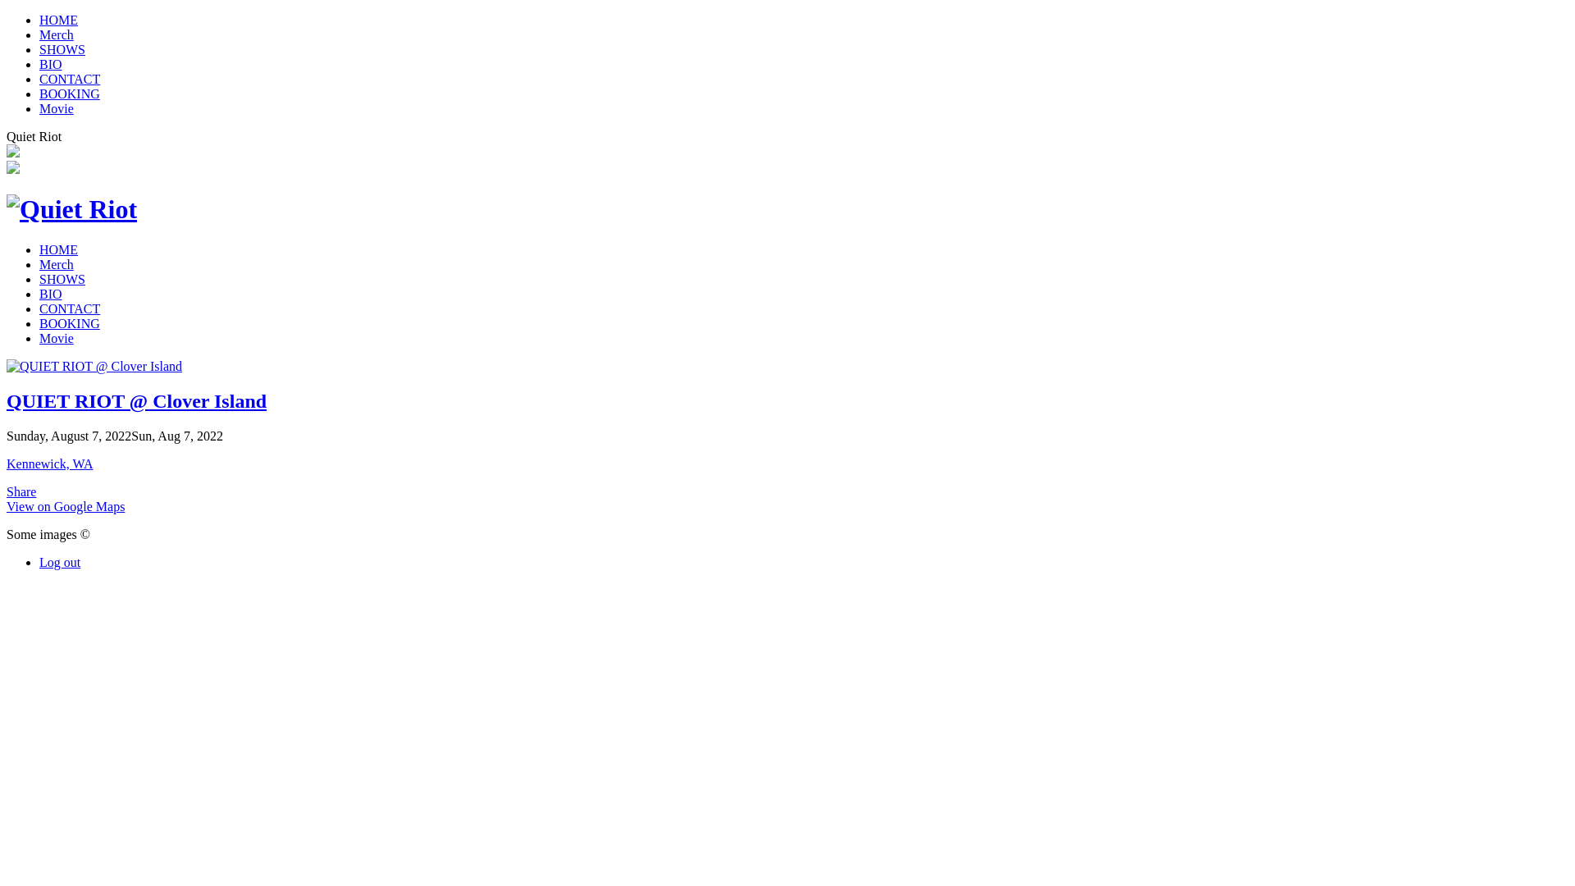  Describe the element at coordinates (56, 337) in the screenshot. I see `'Movie'` at that location.